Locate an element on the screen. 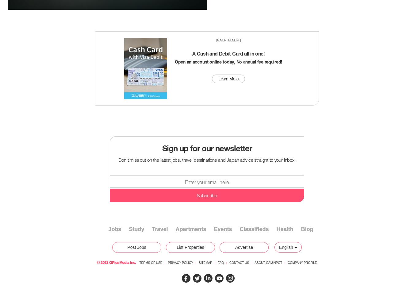 This screenshot has height=301, width=414. 'Advertise' is located at coordinates (244, 247).